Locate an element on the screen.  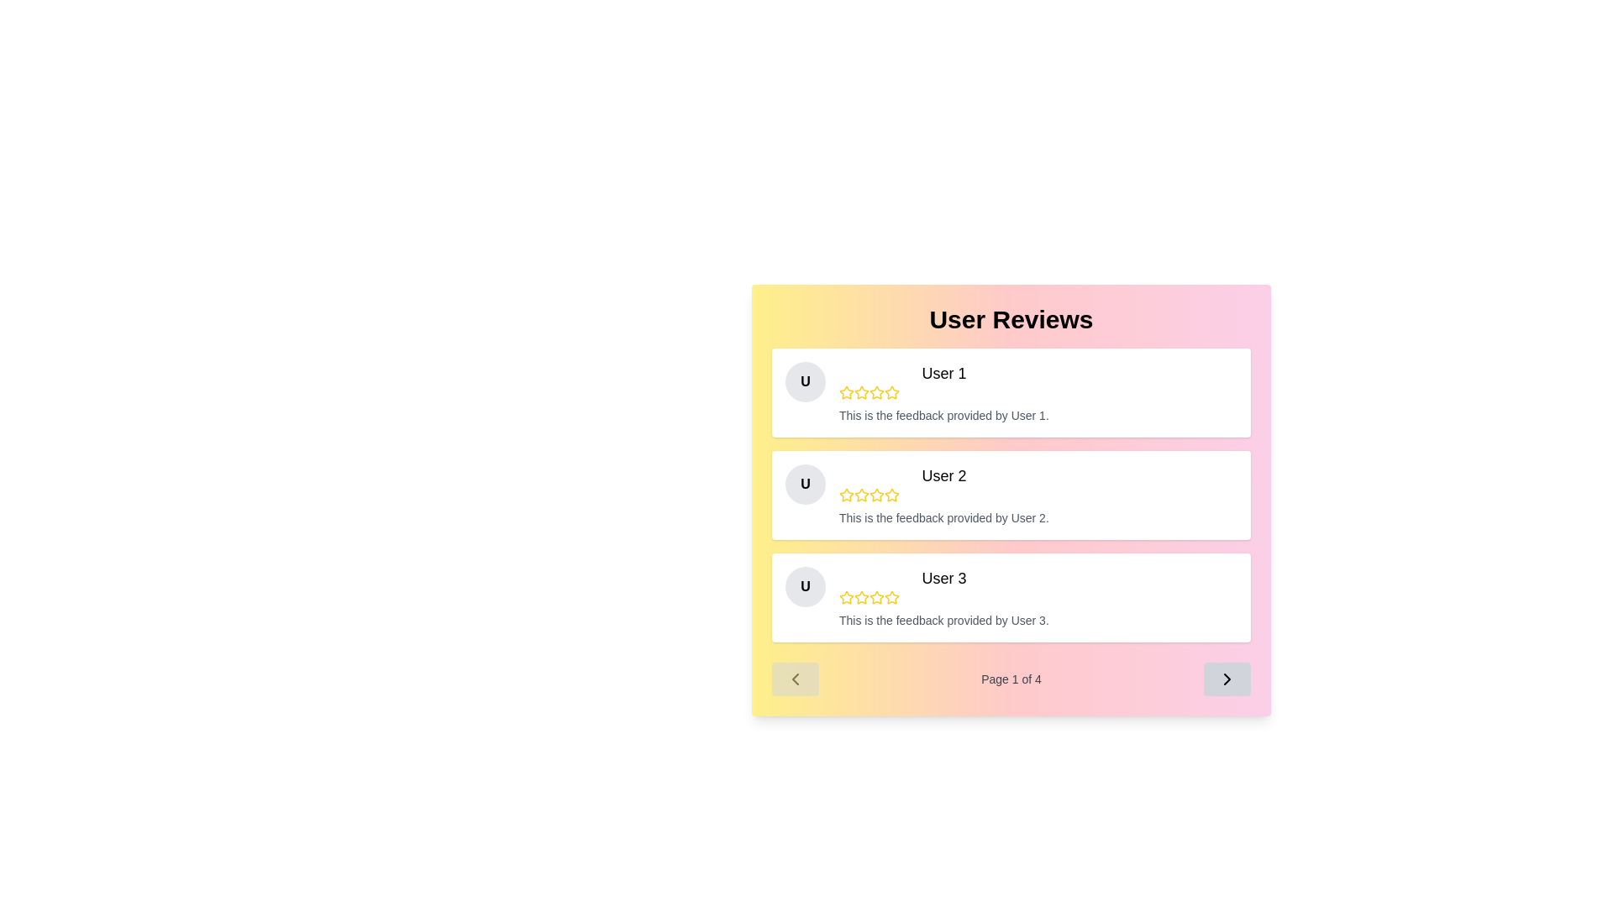
the third star-shaped rating icon outlined in yellow in the User Reviews section is located at coordinates (875, 392).